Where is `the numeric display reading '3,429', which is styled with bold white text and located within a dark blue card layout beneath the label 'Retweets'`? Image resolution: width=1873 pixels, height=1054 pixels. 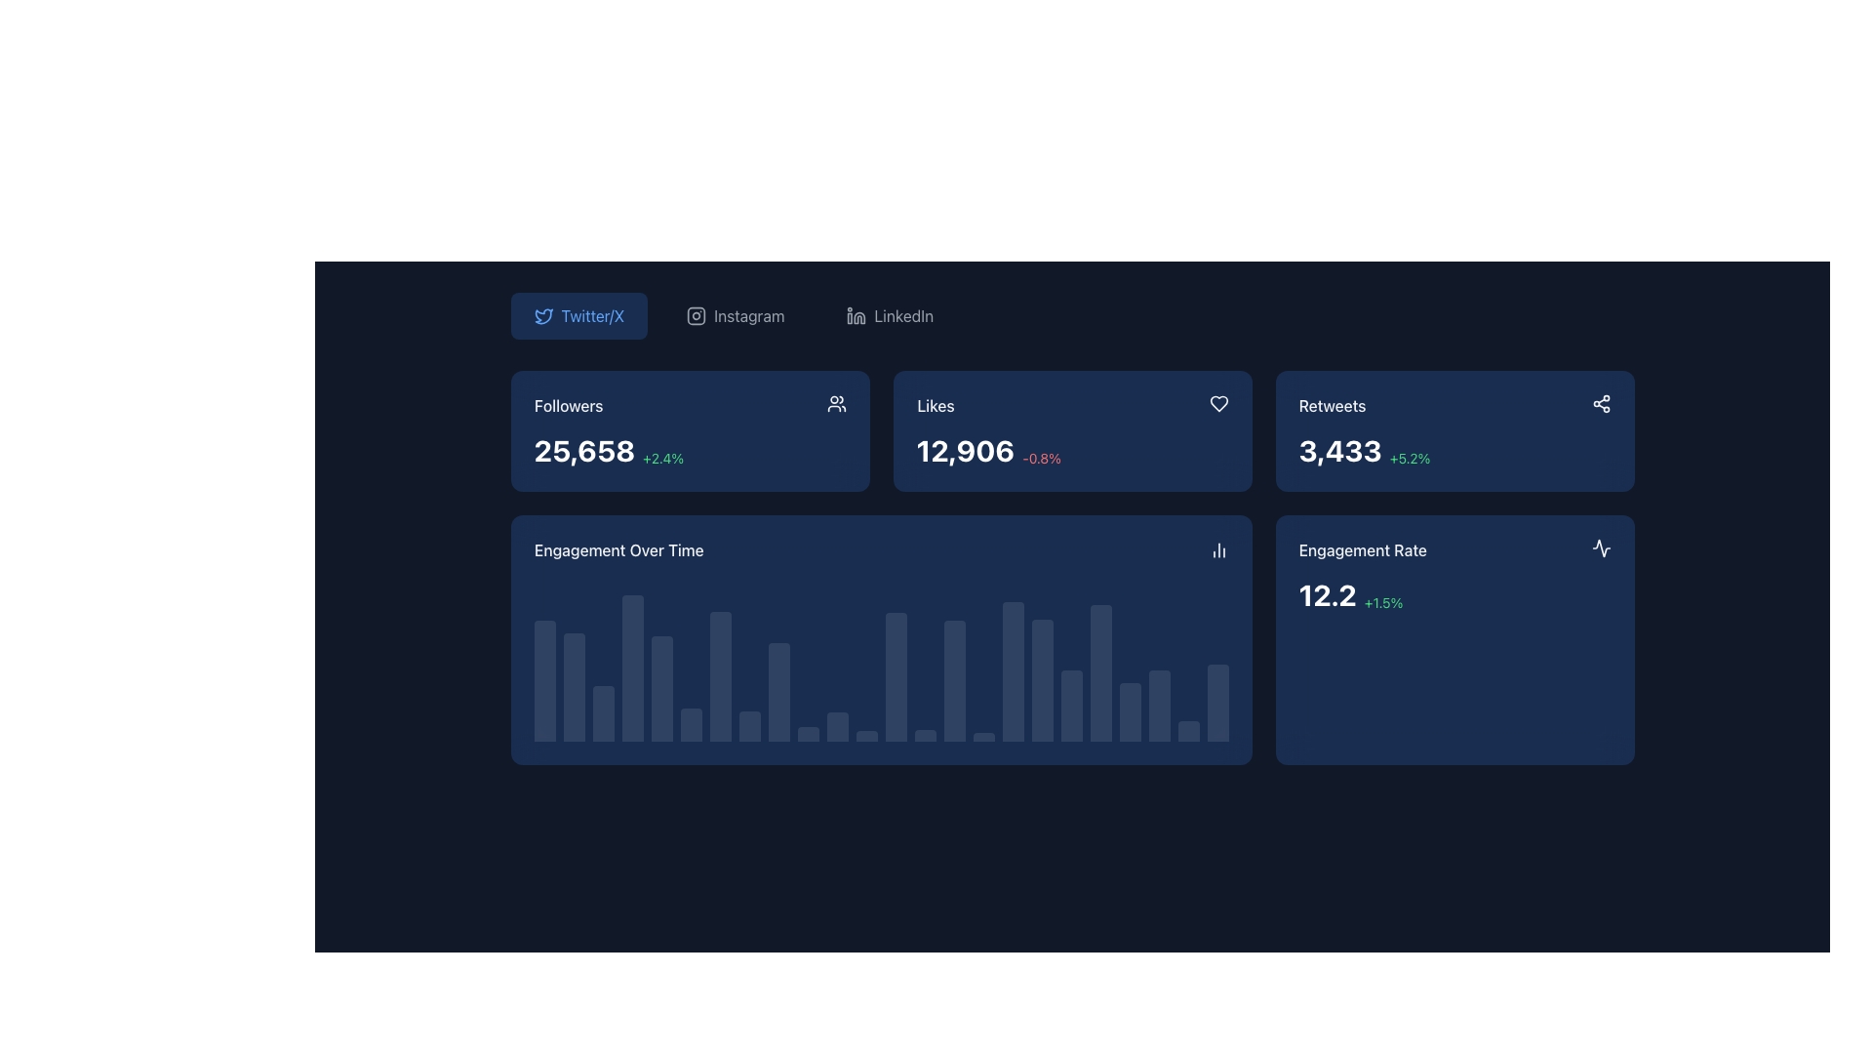
the numeric display reading '3,429', which is styled with bold white text and located within a dark blue card layout beneath the label 'Retweets' is located at coordinates (1339, 451).